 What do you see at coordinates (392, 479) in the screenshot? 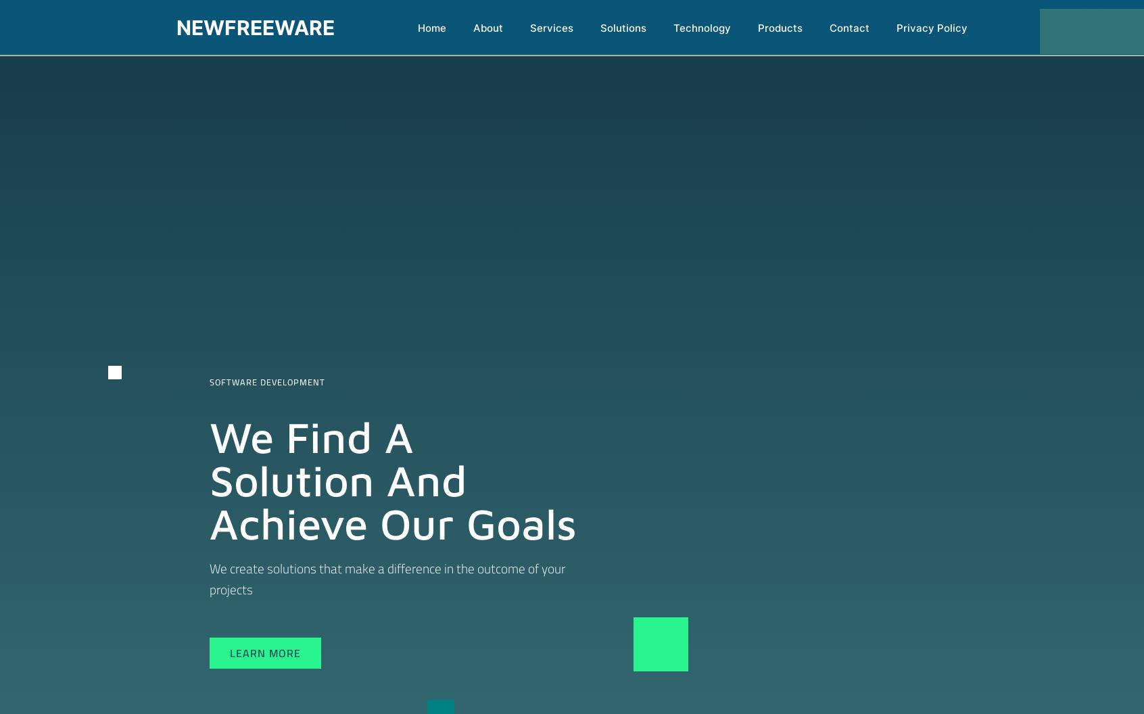
I see `'We find a solution and achieve our goals'` at bounding box center [392, 479].